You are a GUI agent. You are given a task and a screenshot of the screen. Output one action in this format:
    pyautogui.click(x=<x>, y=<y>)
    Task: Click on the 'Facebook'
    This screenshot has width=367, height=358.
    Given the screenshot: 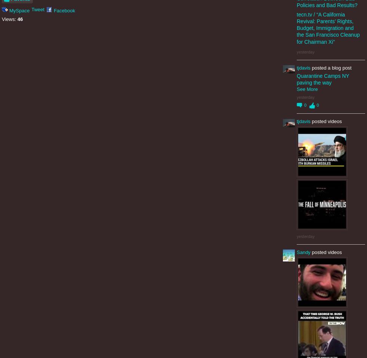 What is the action you would take?
    pyautogui.click(x=64, y=10)
    